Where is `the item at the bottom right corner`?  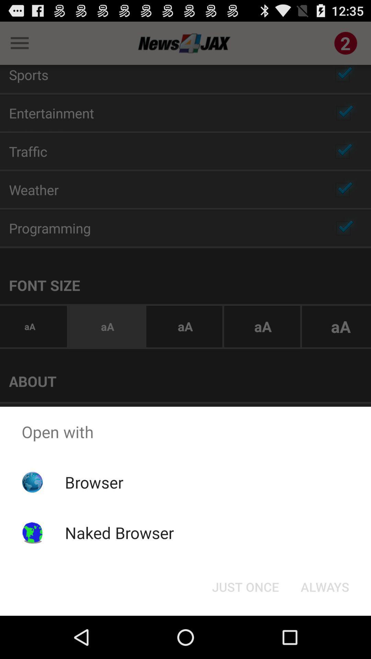 the item at the bottom right corner is located at coordinates (325, 586).